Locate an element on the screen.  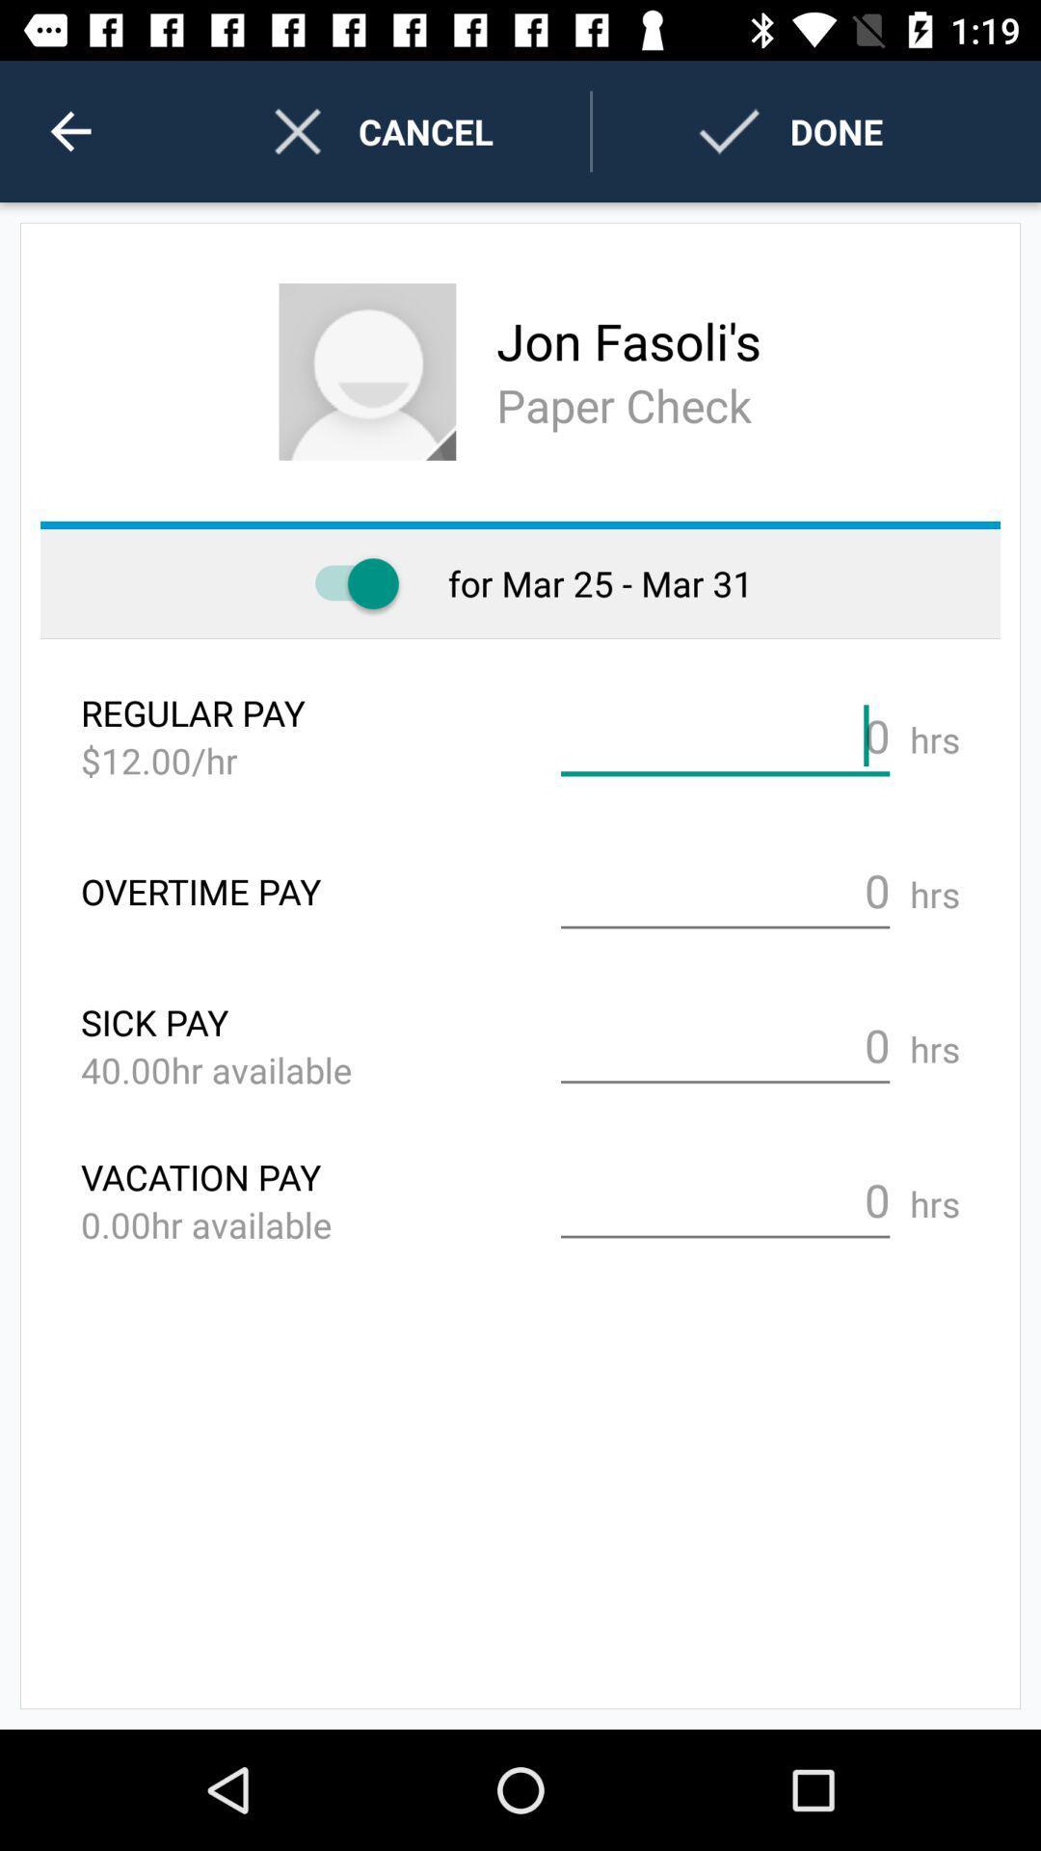
number of hours of vacation pay is located at coordinates (725, 1199).